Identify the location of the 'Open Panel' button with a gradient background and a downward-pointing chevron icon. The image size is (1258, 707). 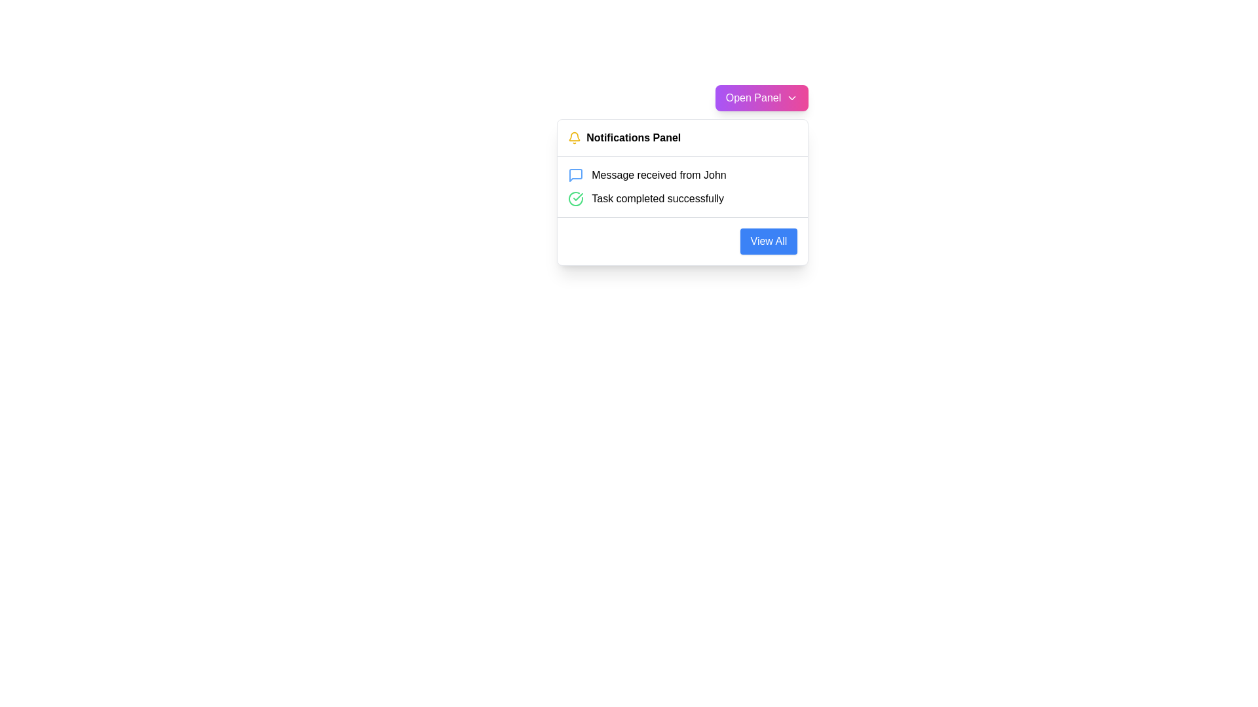
(761, 98).